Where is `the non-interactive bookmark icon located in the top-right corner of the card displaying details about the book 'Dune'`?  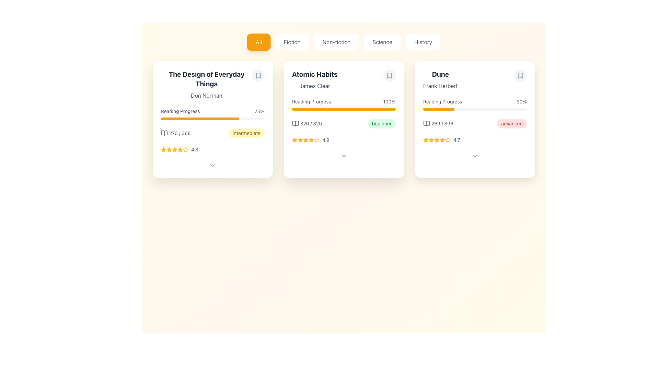
the non-interactive bookmark icon located in the top-right corner of the card displaying details about the book 'Dune' is located at coordinates (520, 75).